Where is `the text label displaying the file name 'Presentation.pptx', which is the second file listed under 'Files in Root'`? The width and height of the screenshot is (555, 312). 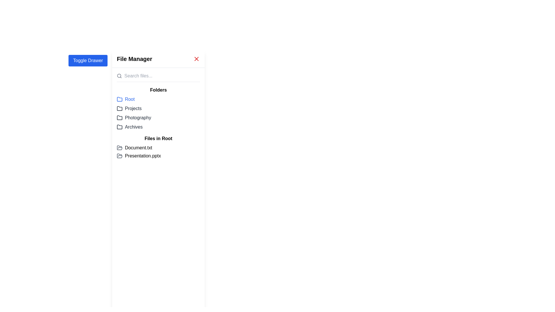 the text label displaying the file name 'Presentation.pptx', which is the second file listed under 'Files in Root' is located at coordinates (143, 156).